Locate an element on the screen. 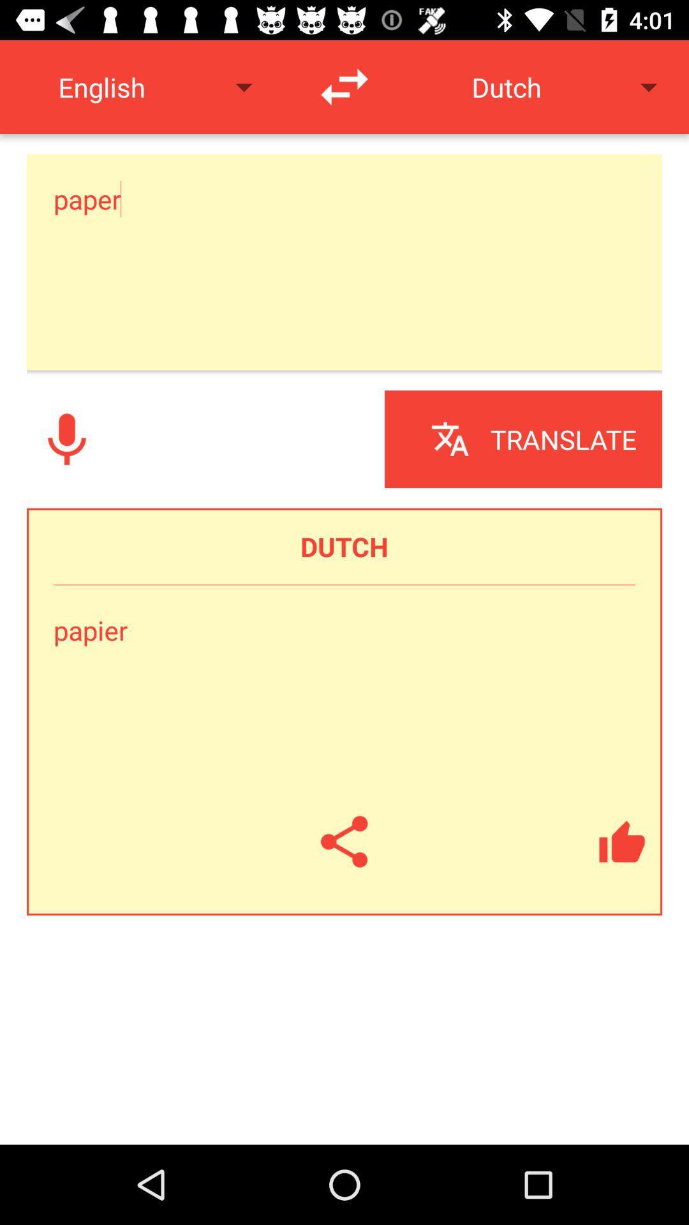 The image size is (689, 1225). the swap icon is located at coordinates (344, 86).